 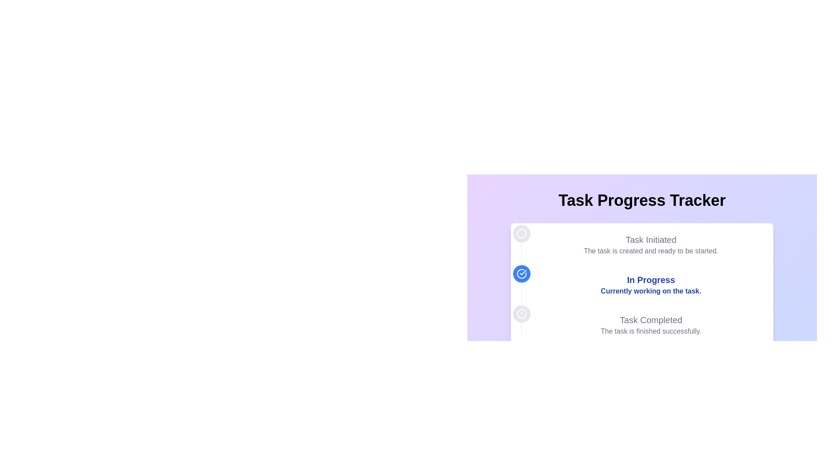 What do you see at coordinates (642, 302) in the screenshot?
I see `the task progress tracker element which visually displays the progress of a task with stages: 'Task Initiated', 'In Progress', and 'Task Completed'` at bounding box center [642, 302].